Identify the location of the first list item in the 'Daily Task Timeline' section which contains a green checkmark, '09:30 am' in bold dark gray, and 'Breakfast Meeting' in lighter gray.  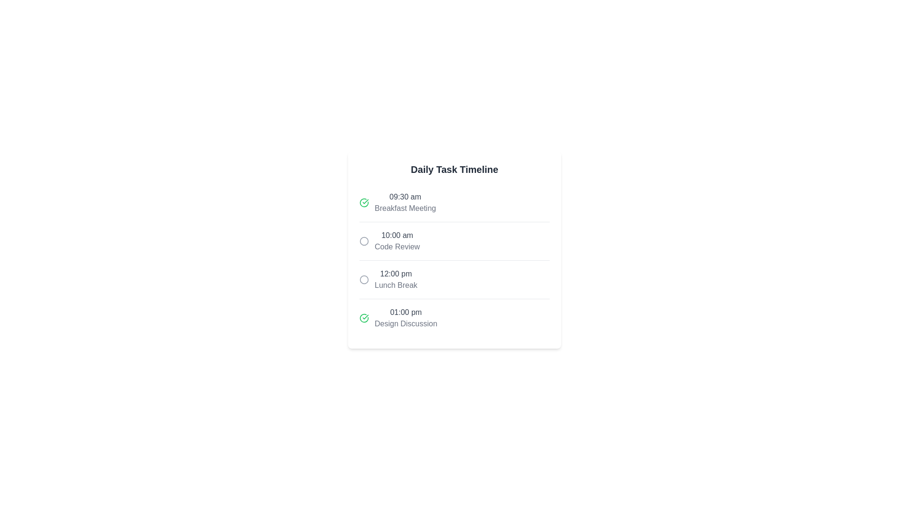
(454, 202).